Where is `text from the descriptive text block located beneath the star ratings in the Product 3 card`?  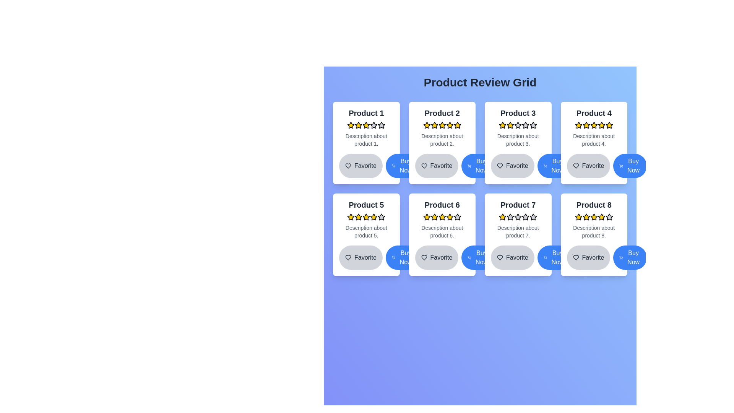
text from the descriptive text block located beneath the star ratings in the Product 3 card is located at coordinates (518, 140).